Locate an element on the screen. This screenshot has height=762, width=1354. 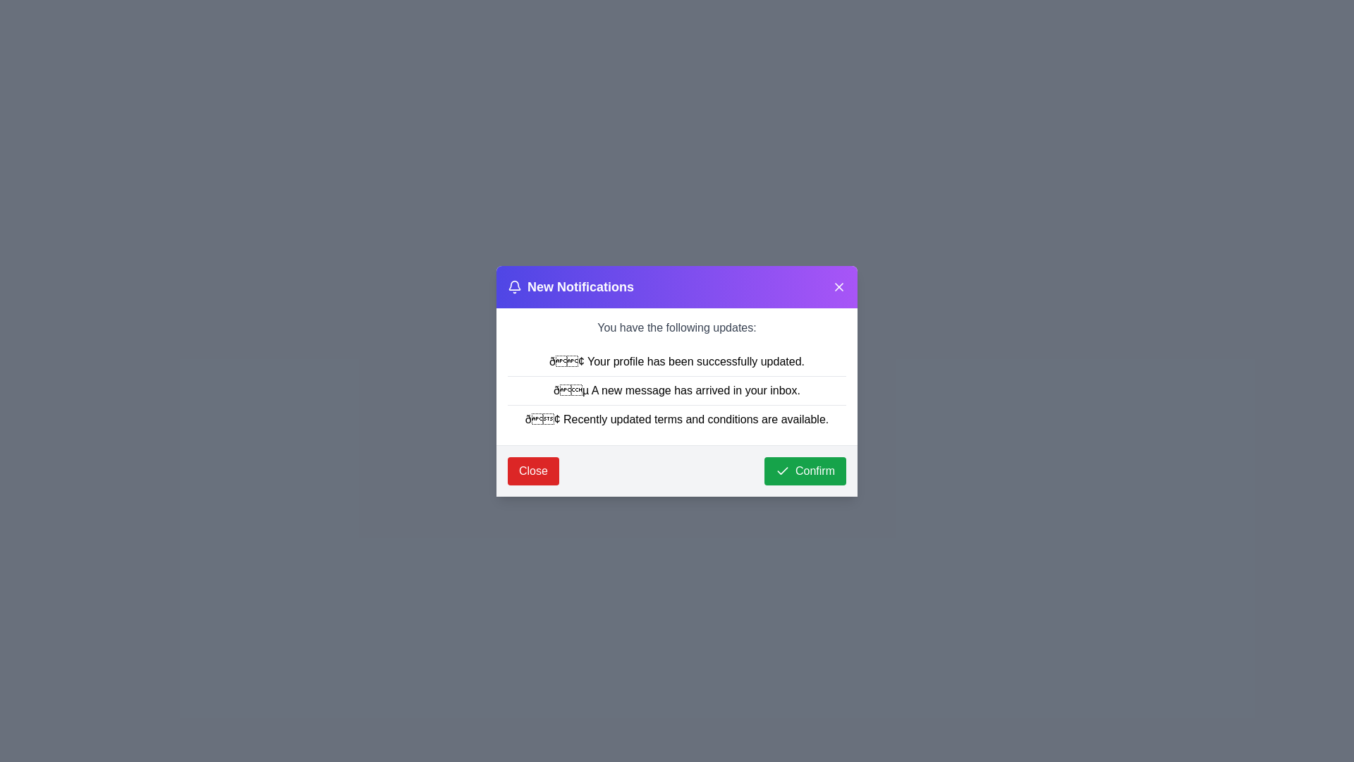
the Confirm button to confirm the notifications is located at coordinates (805, 471).